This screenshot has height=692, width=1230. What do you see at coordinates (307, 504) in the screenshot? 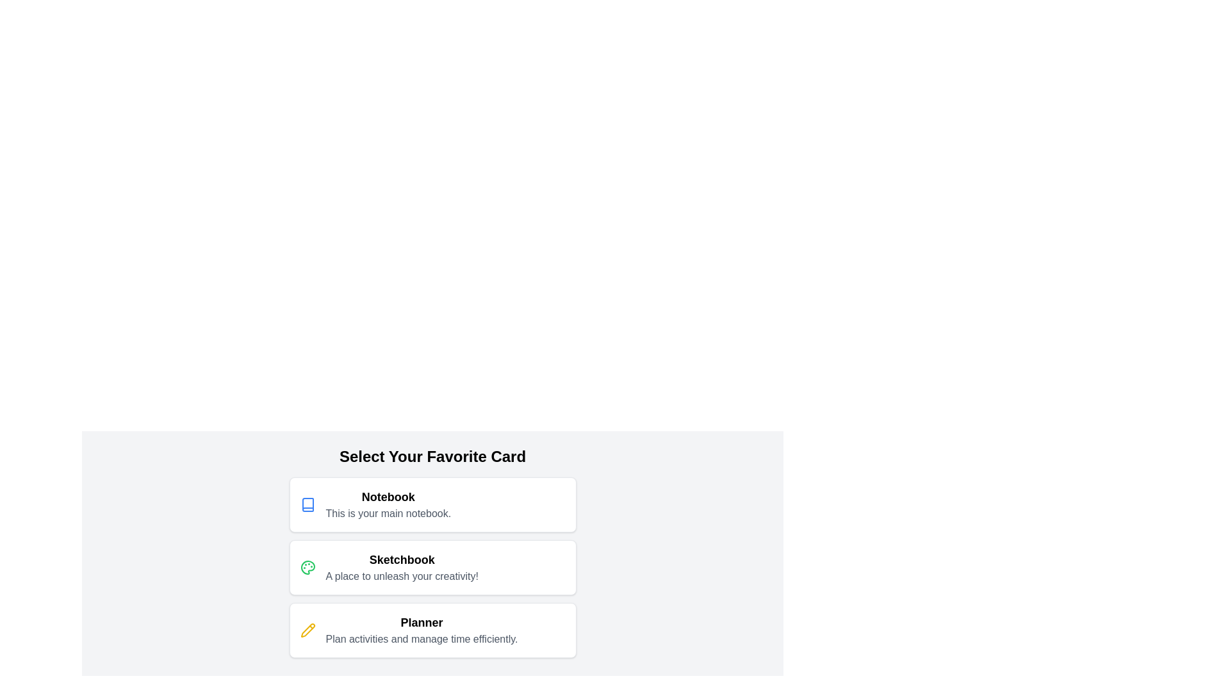
I see `the blue outlined book icon located on the left side of the first card in the list, part of the 'Notebook' entry, just before the title text` at bounding box center [307, 504].